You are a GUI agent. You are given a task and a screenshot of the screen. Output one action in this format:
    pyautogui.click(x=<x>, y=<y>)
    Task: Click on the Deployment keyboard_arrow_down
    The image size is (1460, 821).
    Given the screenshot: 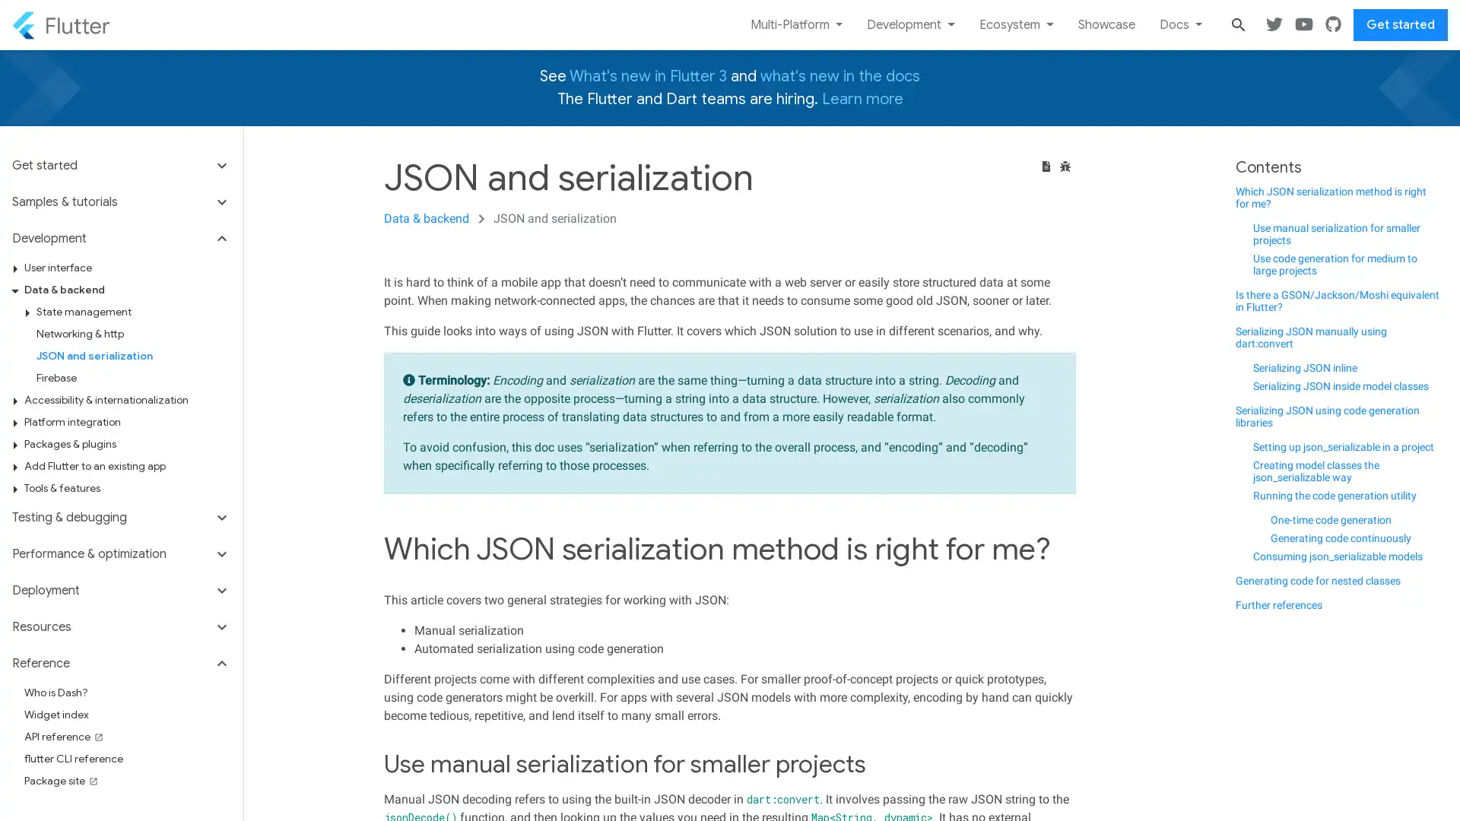 What is the action you would take?
    pyautogui.click(x=120, y=589)
    